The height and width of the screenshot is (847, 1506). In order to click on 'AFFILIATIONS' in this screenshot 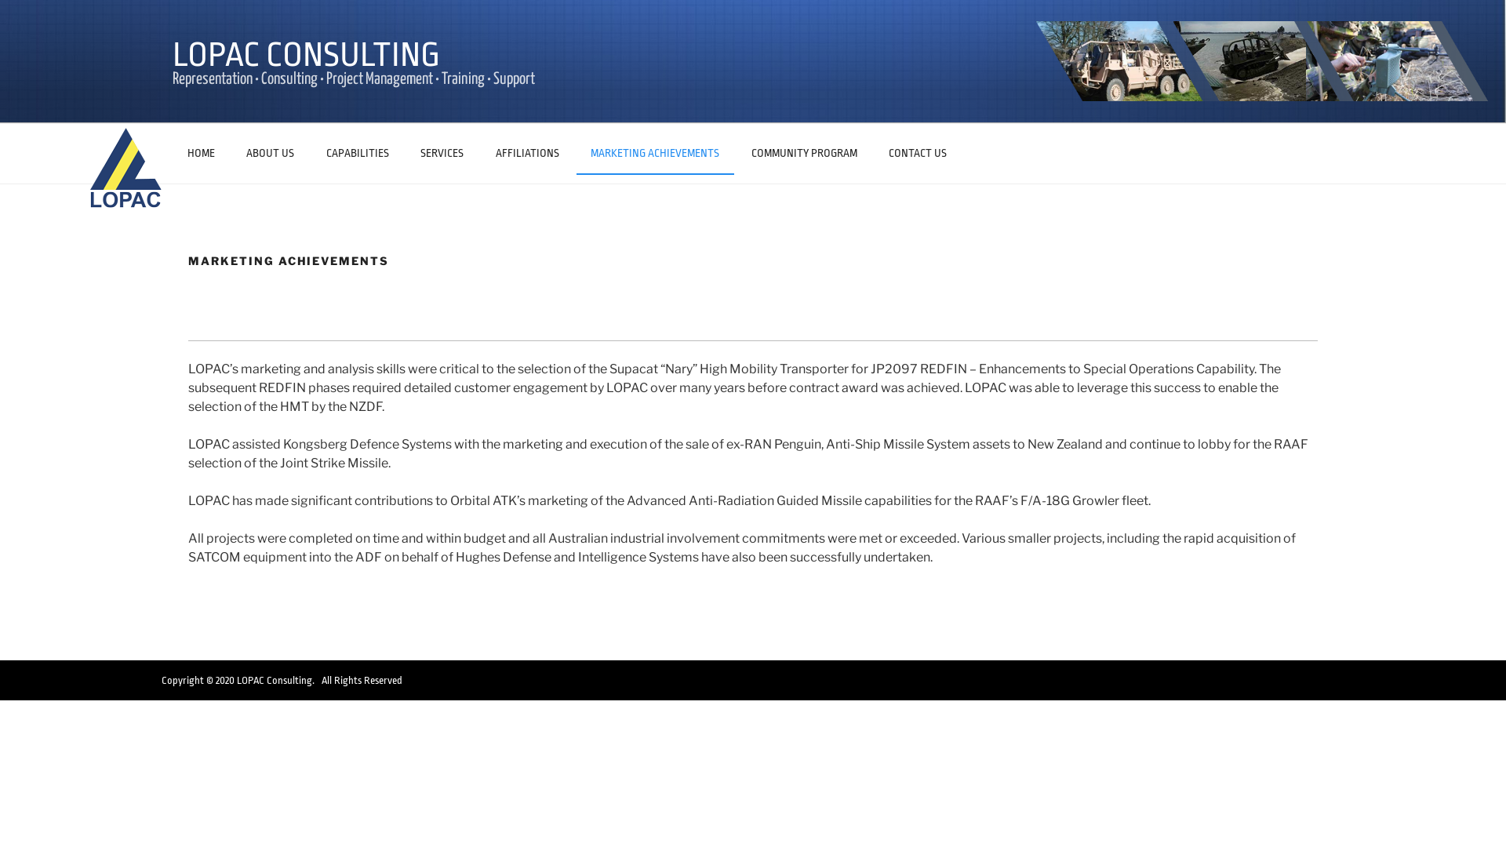, I will do `click(527, 152)`.